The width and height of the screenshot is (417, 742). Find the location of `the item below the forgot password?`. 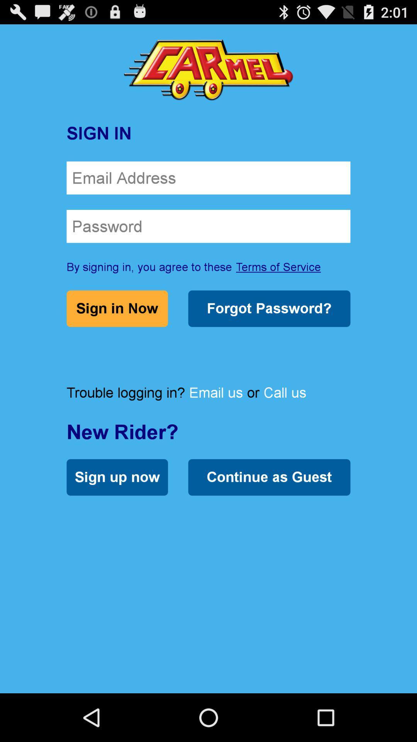

the item below the forgot password? is located at coordinates (216, 392).